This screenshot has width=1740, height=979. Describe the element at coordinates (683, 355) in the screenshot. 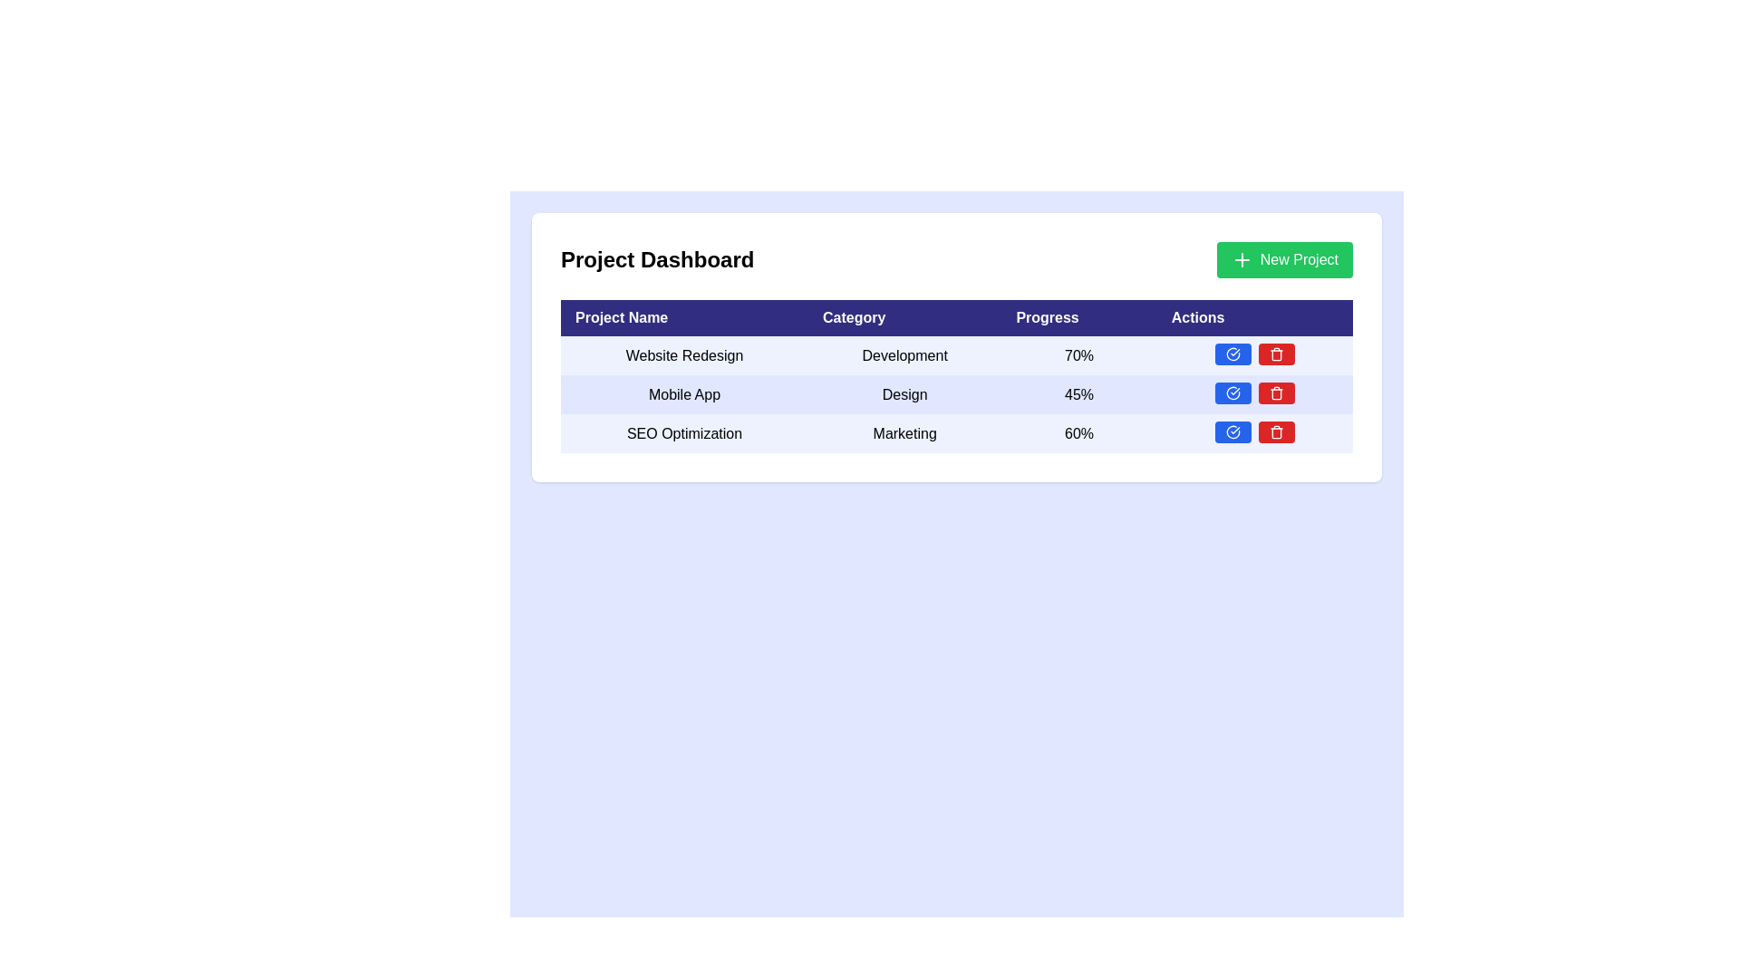

I see `the static text display that shows the project name 'Website Redesign' in the first column of the second row of the table, aligned with the 'Project Name' header` at that location.